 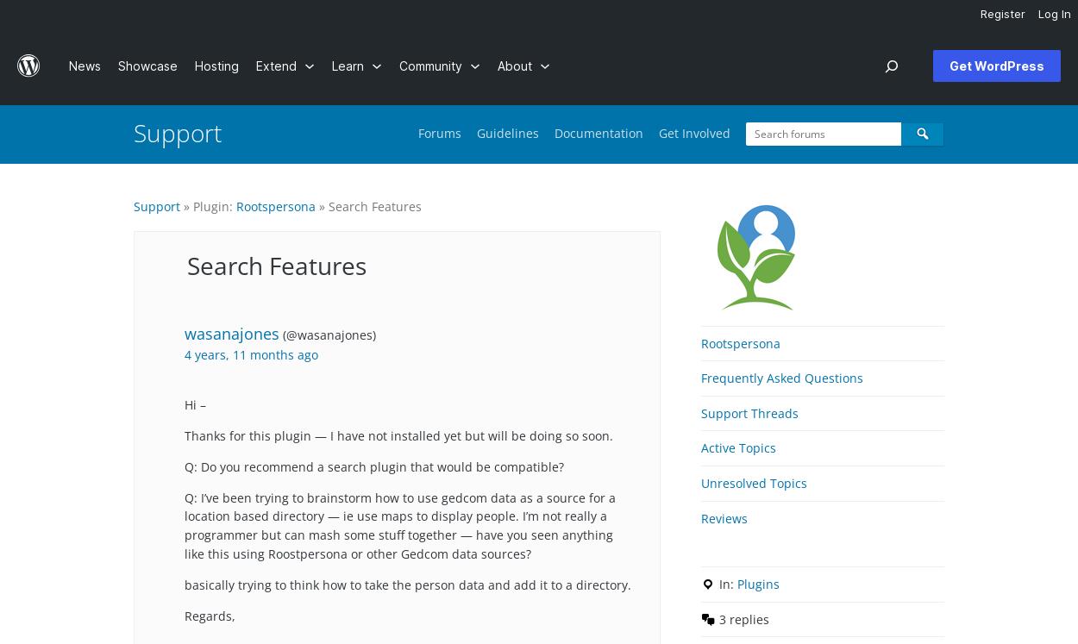 I want to click on 'wasanajones', so click(x=232, y=333).